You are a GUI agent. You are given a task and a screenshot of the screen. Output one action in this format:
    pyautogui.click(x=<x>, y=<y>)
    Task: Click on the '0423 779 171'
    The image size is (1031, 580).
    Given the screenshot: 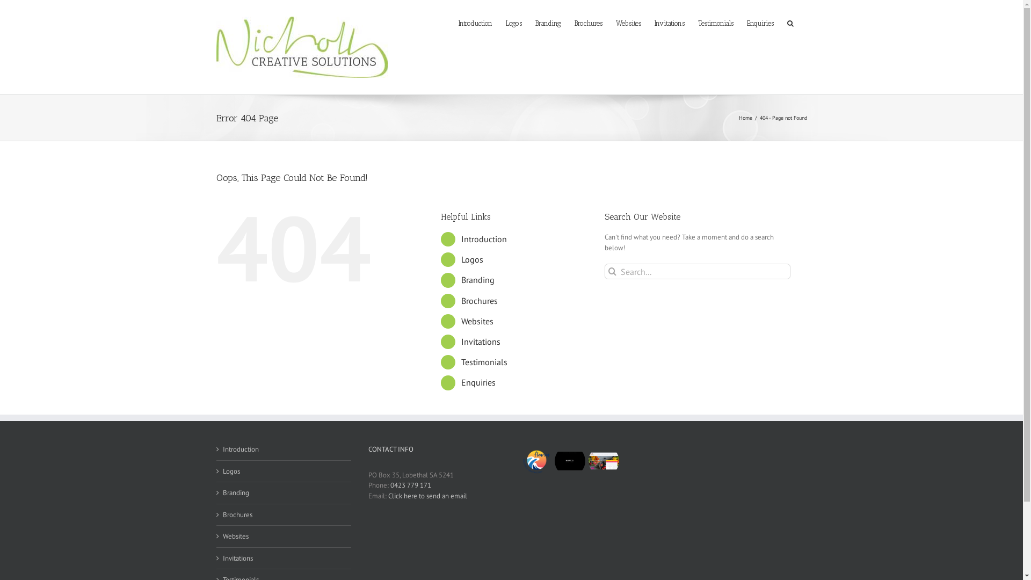 What is the action you would take?
    pyautogui.click(x=409, y=485)
    